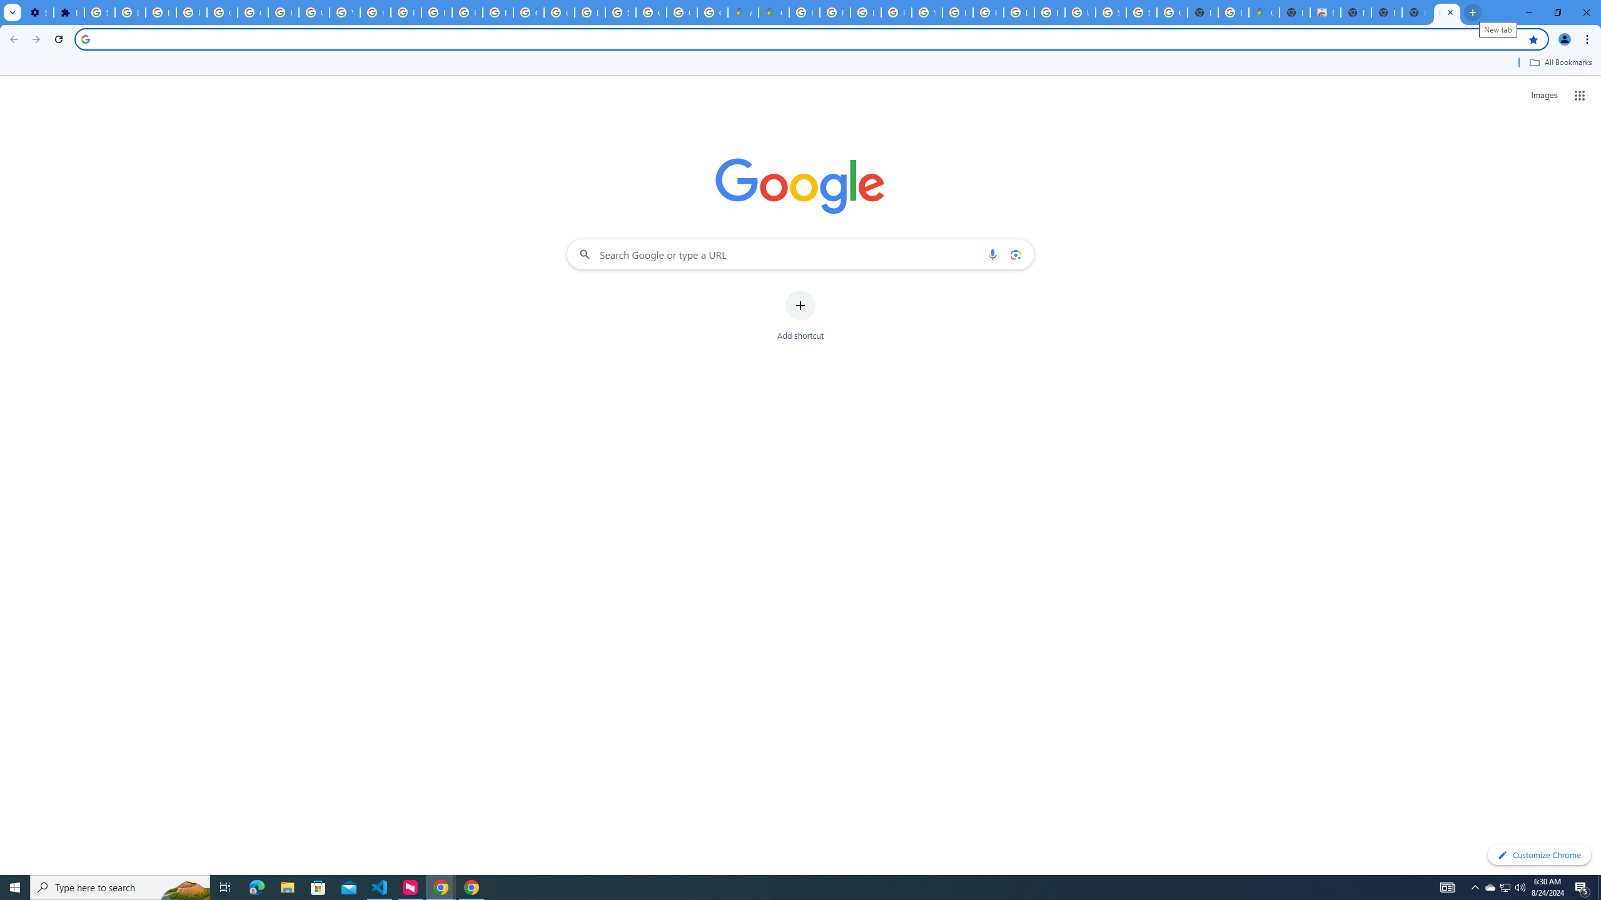 The image size is (1601, 900). What do you see at coordinates (69, 12) in the screenshot?
I see `'Extensions'` at bounding box center [69, 12].